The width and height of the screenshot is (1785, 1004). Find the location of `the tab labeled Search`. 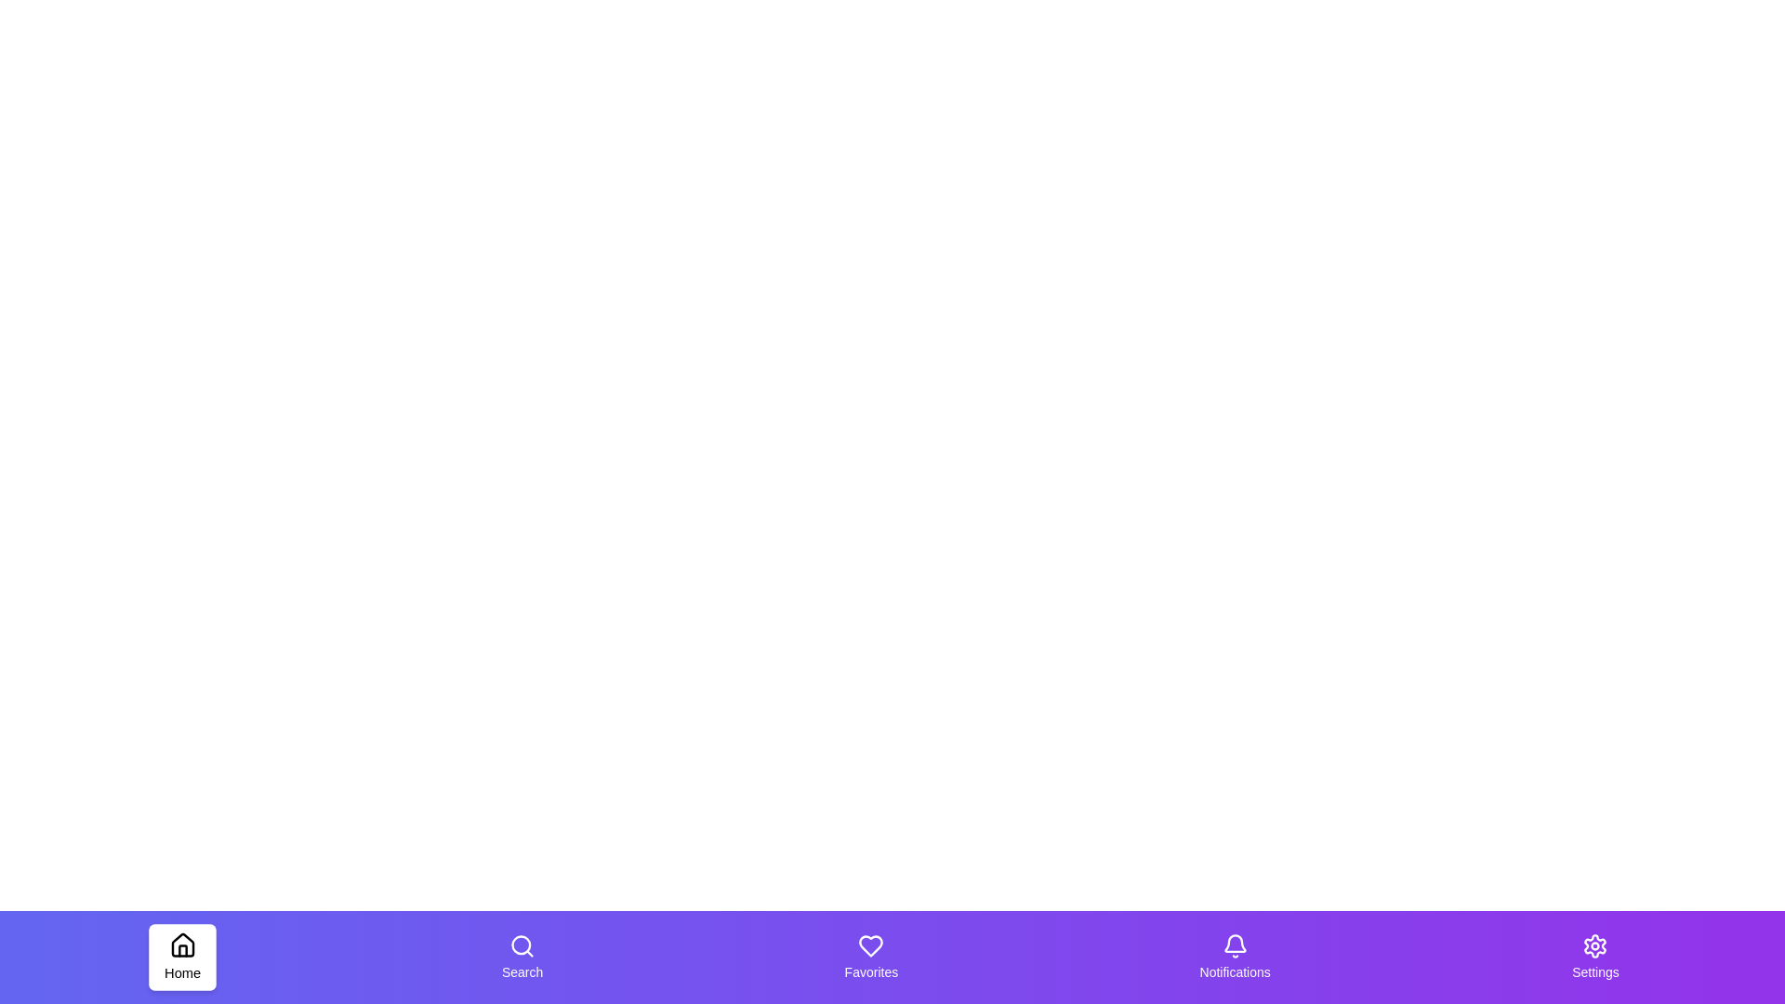

the tab labeled Search is located at coordinates (521, 957).